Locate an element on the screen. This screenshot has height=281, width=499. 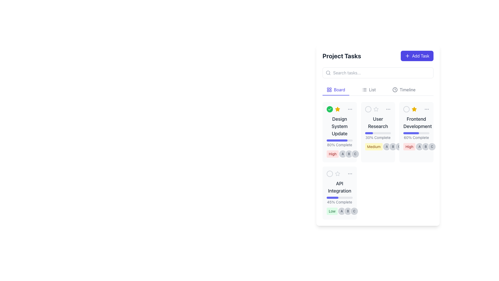
the Text label that indicates the completion percentage of the task, located below the blue progress bar in the 'Design System Update' card on the 'Project Tasks' board is located at coordinates (339, 145).